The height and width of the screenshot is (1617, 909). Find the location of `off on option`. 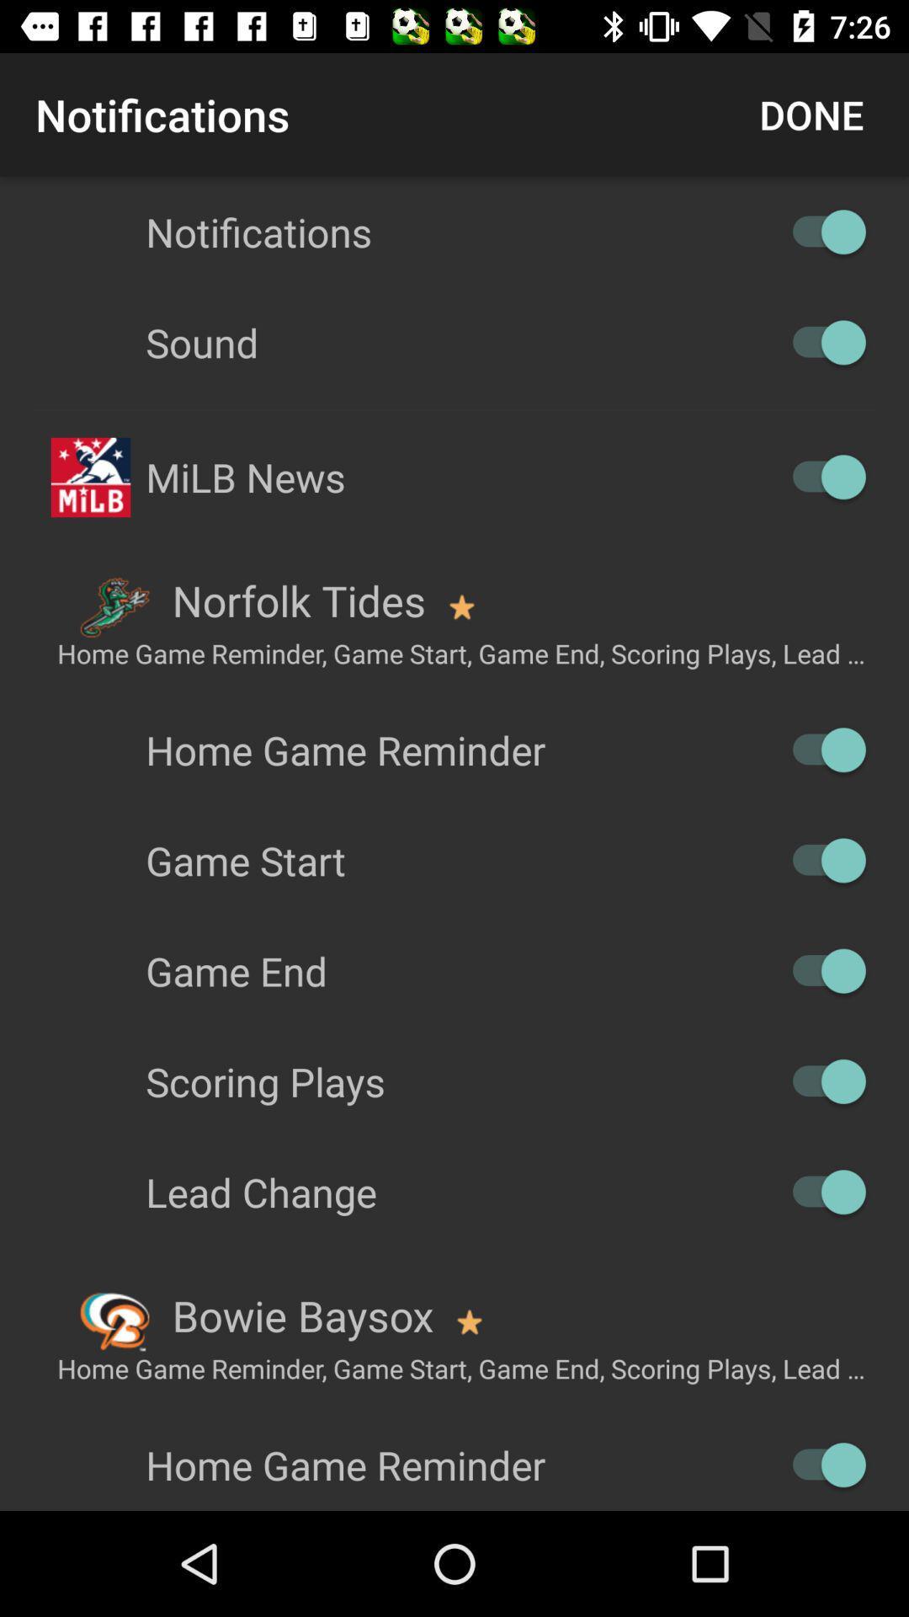

off on option is located at coordinates (820, 971).